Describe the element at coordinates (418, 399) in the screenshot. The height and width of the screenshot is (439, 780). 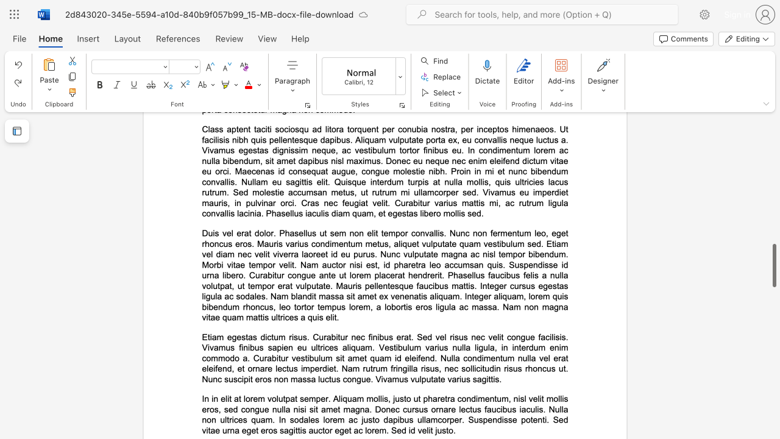
I see `the subset text "t pharetra condimentum, nisl velit mollis eros, sed congue nulla nisi sit amet magna. Donec cursus ornare lectus faucibus iaculis. Null" within the text "In in elit at lorem volutpat semper. Aliquam mollis, justo ut pharetra condimentum, nisl velit mollis eros, sed congue nulla nisi sit amet magna. Donec cursus ornare lectus faucibus iaculis. Nulla non ultrices quam. In sodales lorem ac justo dapibus ullamcorper. Suspendisse potenti. Sed vitae urna eget eros sagittis auctor eget ac lorem. Sed id velit justo."` at that location.